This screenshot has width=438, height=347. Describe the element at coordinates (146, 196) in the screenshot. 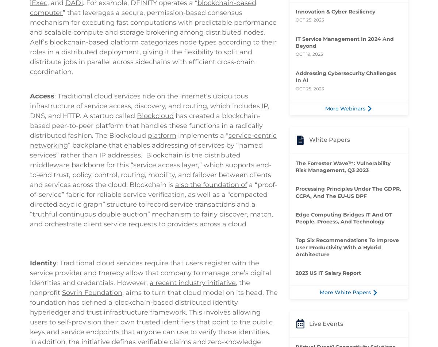

I see `'has created a blockchain-based peer-to-peer platform that handles these functions in a radically distributed fashion. The Blockcloud'` at that location.